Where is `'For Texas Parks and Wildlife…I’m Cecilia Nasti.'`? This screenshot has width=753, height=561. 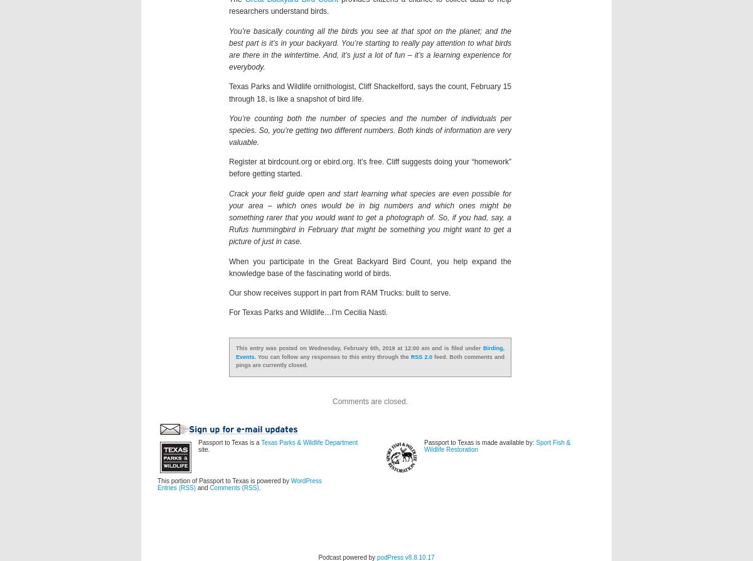 'For Texas Parks and Wildlife…I’m Cecilia Nasti.' is located at coordinates (229, 312).